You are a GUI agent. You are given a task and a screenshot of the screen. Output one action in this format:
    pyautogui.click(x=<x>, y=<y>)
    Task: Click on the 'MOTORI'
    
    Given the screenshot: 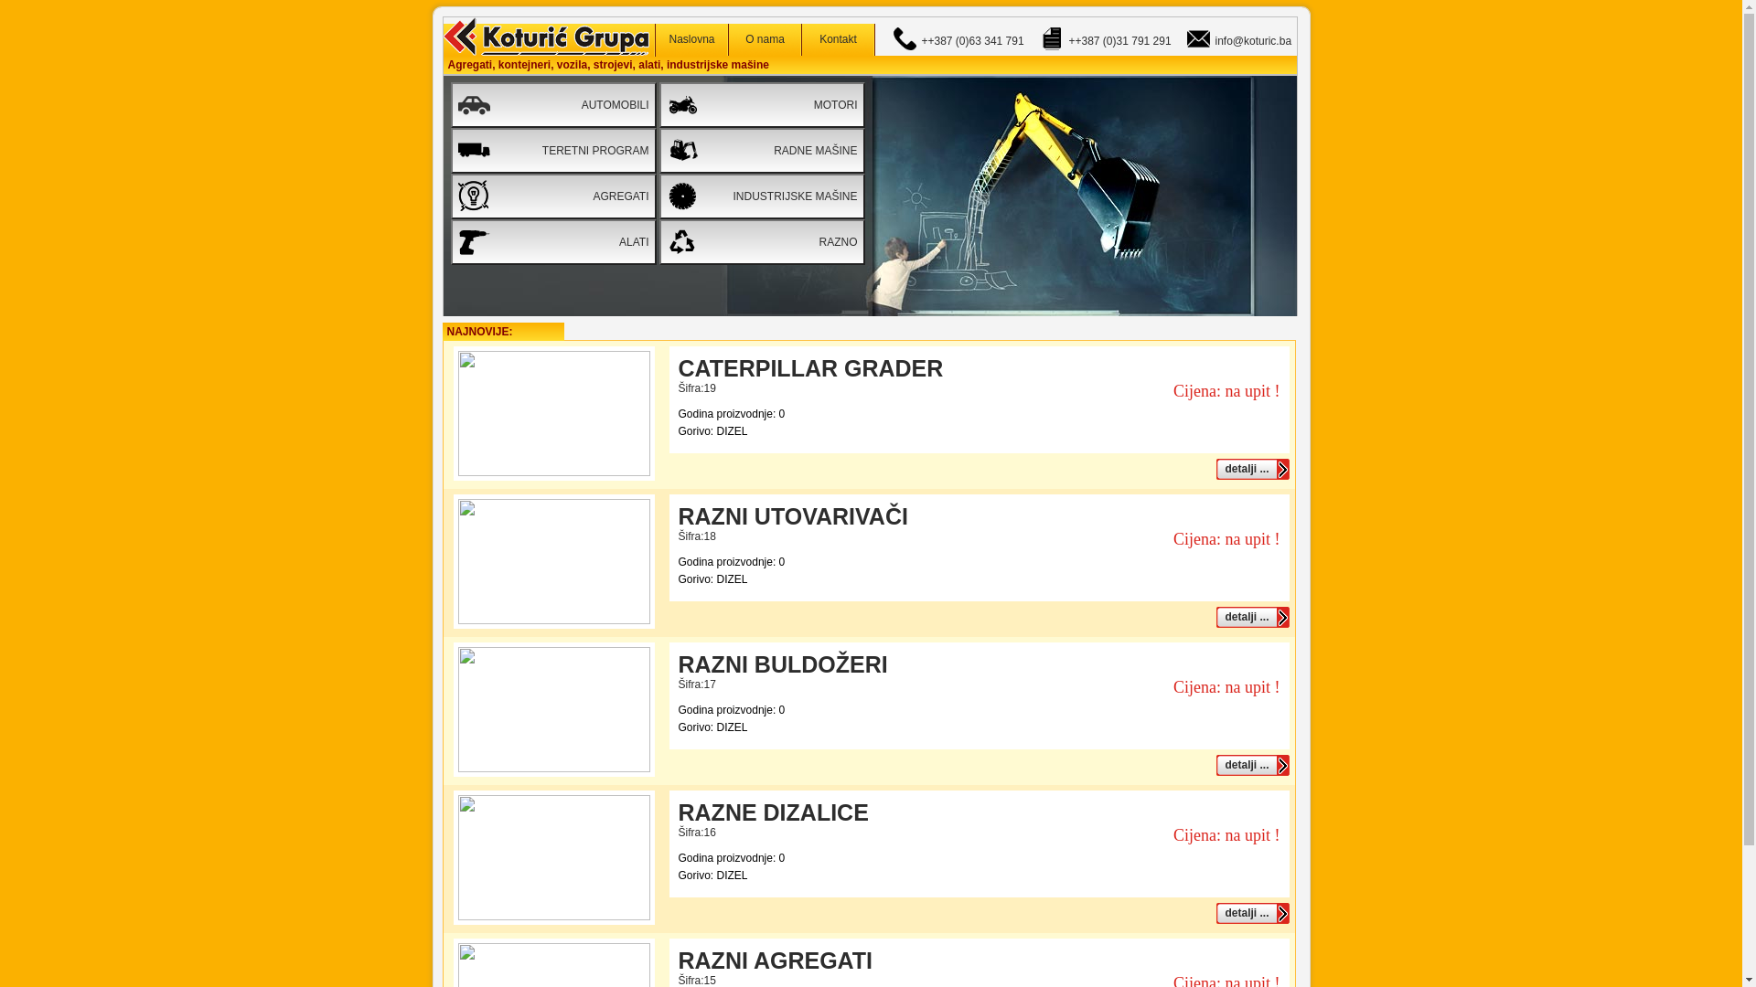 What is the action you would take?
    pyautogui.click(x=761, y=105)
    